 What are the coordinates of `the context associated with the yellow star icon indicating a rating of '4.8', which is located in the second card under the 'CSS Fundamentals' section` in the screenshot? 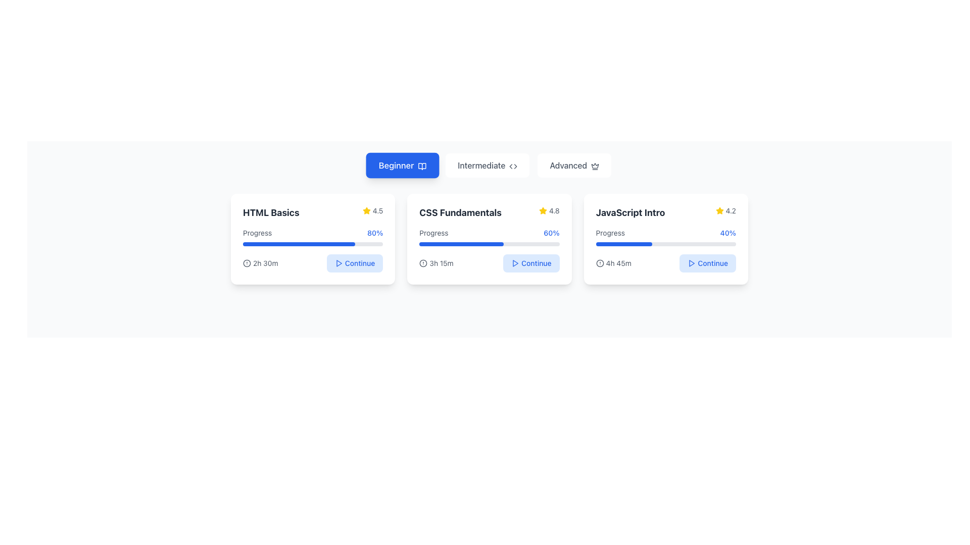 It's located at (543, 210).